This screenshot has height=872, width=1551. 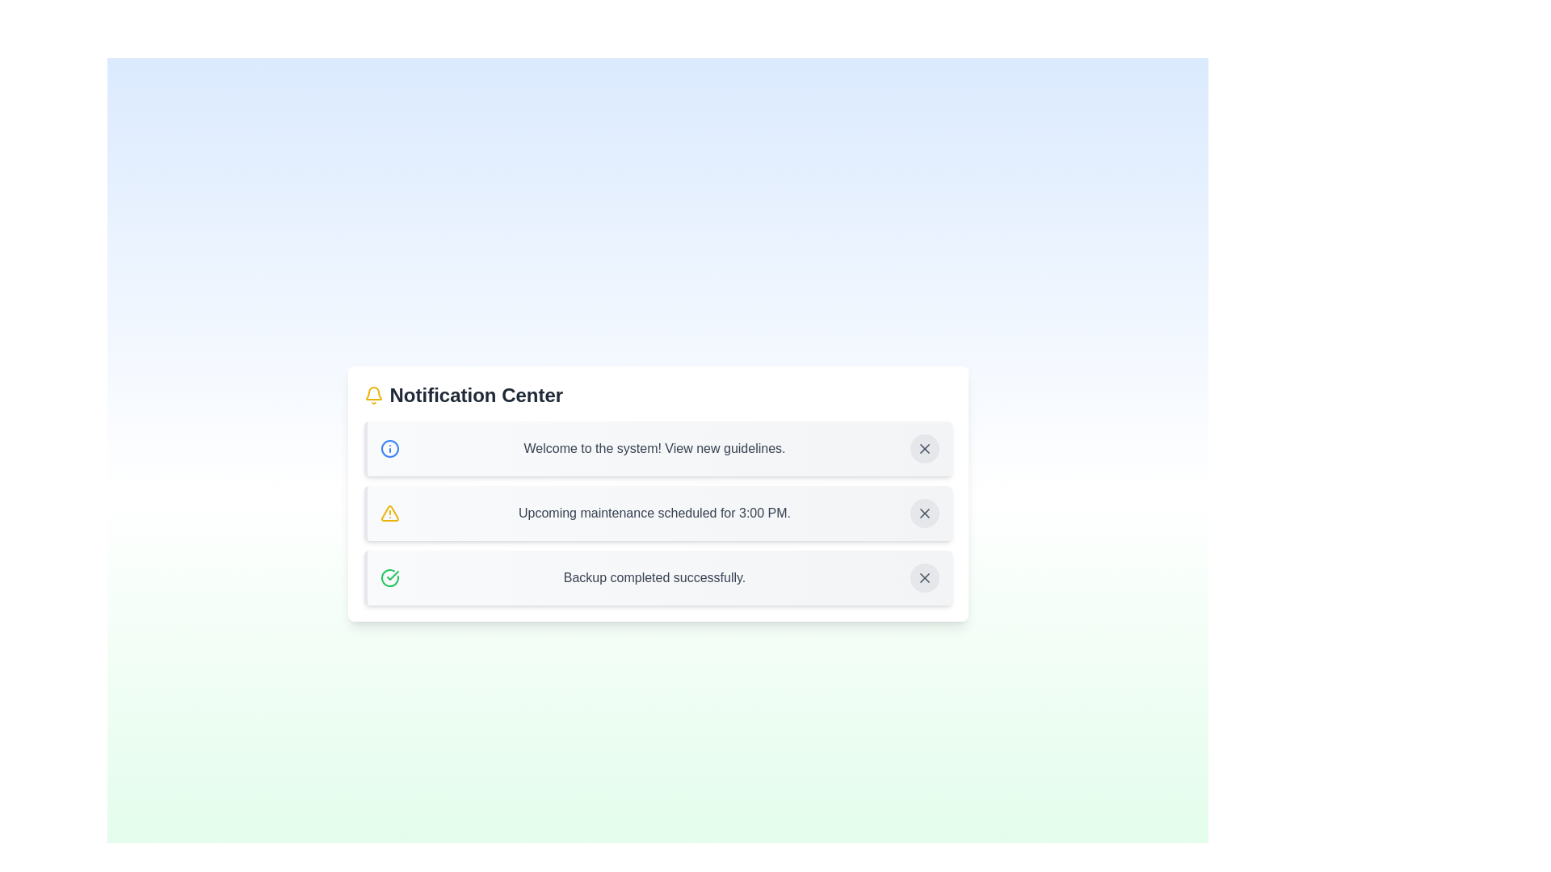 I want to click on the circular button with a light gray background and a darker gray 'X' icon, located next to the notification message stating 'Backup completed successfully.', so click(x=924, y=577).